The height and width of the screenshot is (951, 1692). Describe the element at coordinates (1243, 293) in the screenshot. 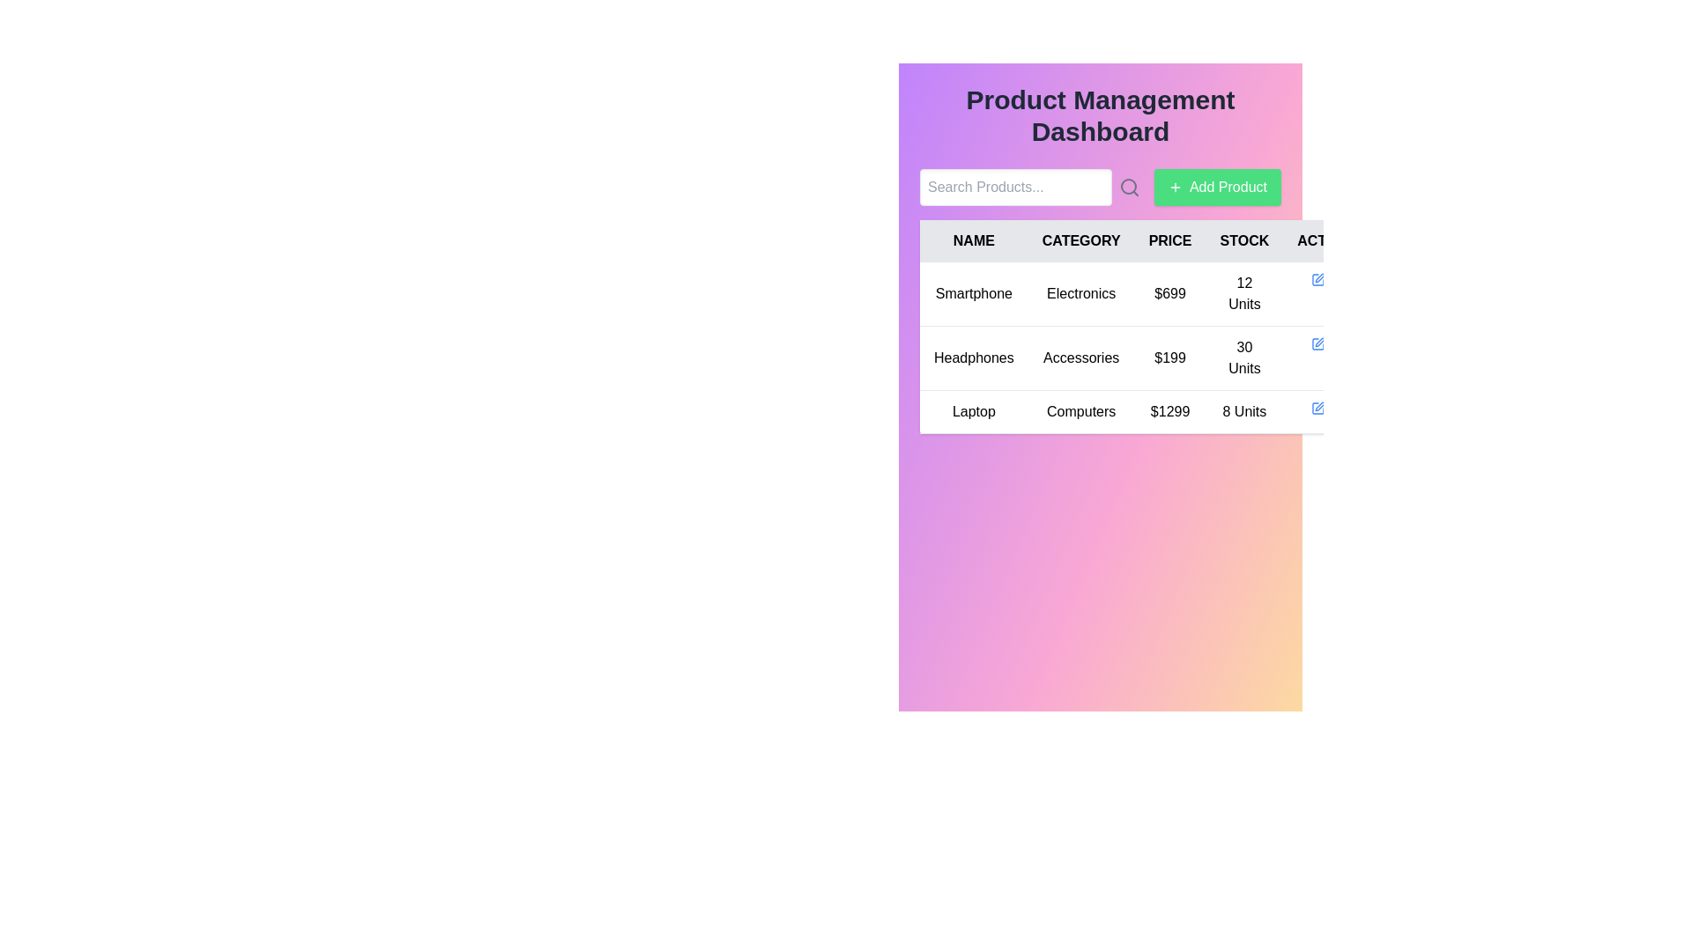

I see `the static text label displaying '12 Units' under the 'STOCK' column in the Product Management Dashboard` at that location.